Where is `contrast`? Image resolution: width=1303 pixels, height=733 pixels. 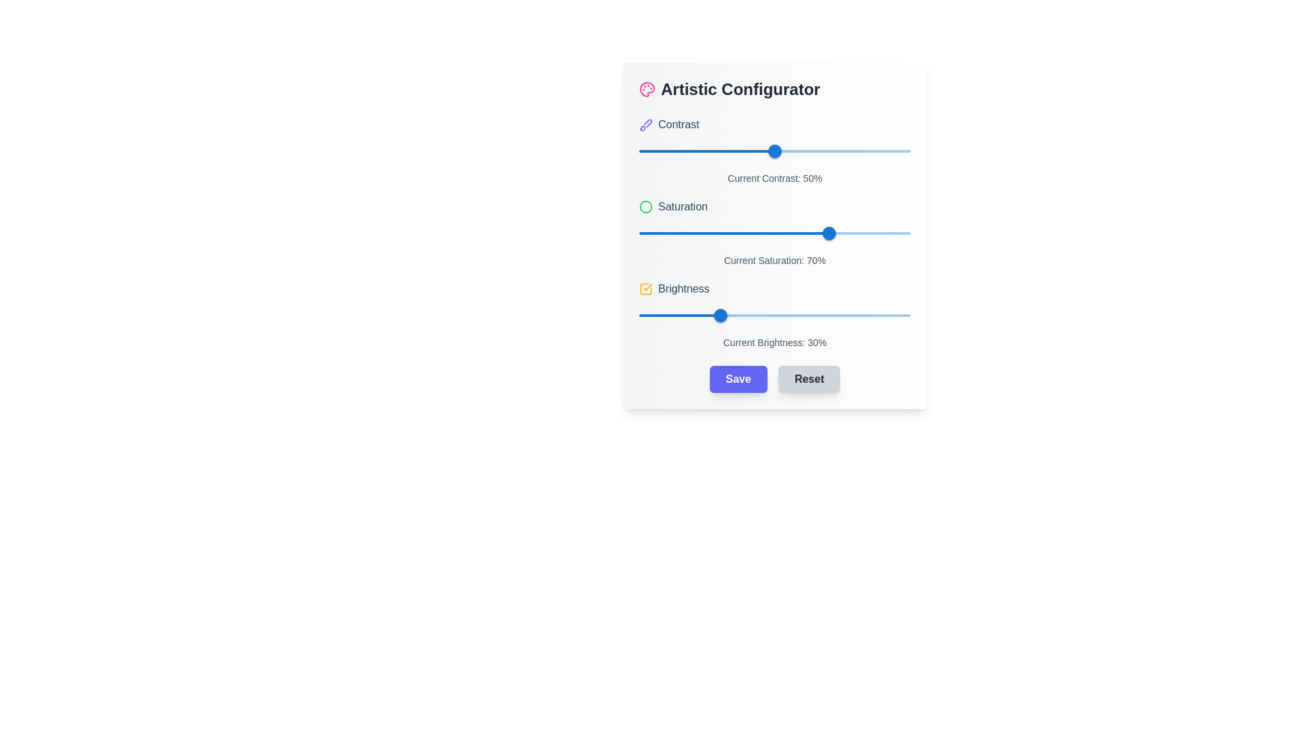 contrast is located at coordinates (847, 151).